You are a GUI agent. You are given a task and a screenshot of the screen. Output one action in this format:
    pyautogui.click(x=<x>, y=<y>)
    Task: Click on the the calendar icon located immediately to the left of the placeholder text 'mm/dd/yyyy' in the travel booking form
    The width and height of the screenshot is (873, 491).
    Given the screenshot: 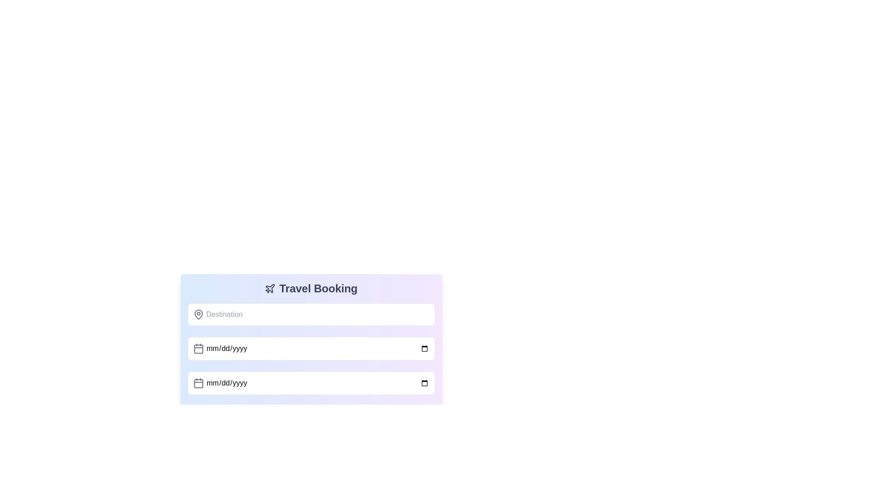 What is the action you would take?
    pyautogui.click(x=198, y=383)
    